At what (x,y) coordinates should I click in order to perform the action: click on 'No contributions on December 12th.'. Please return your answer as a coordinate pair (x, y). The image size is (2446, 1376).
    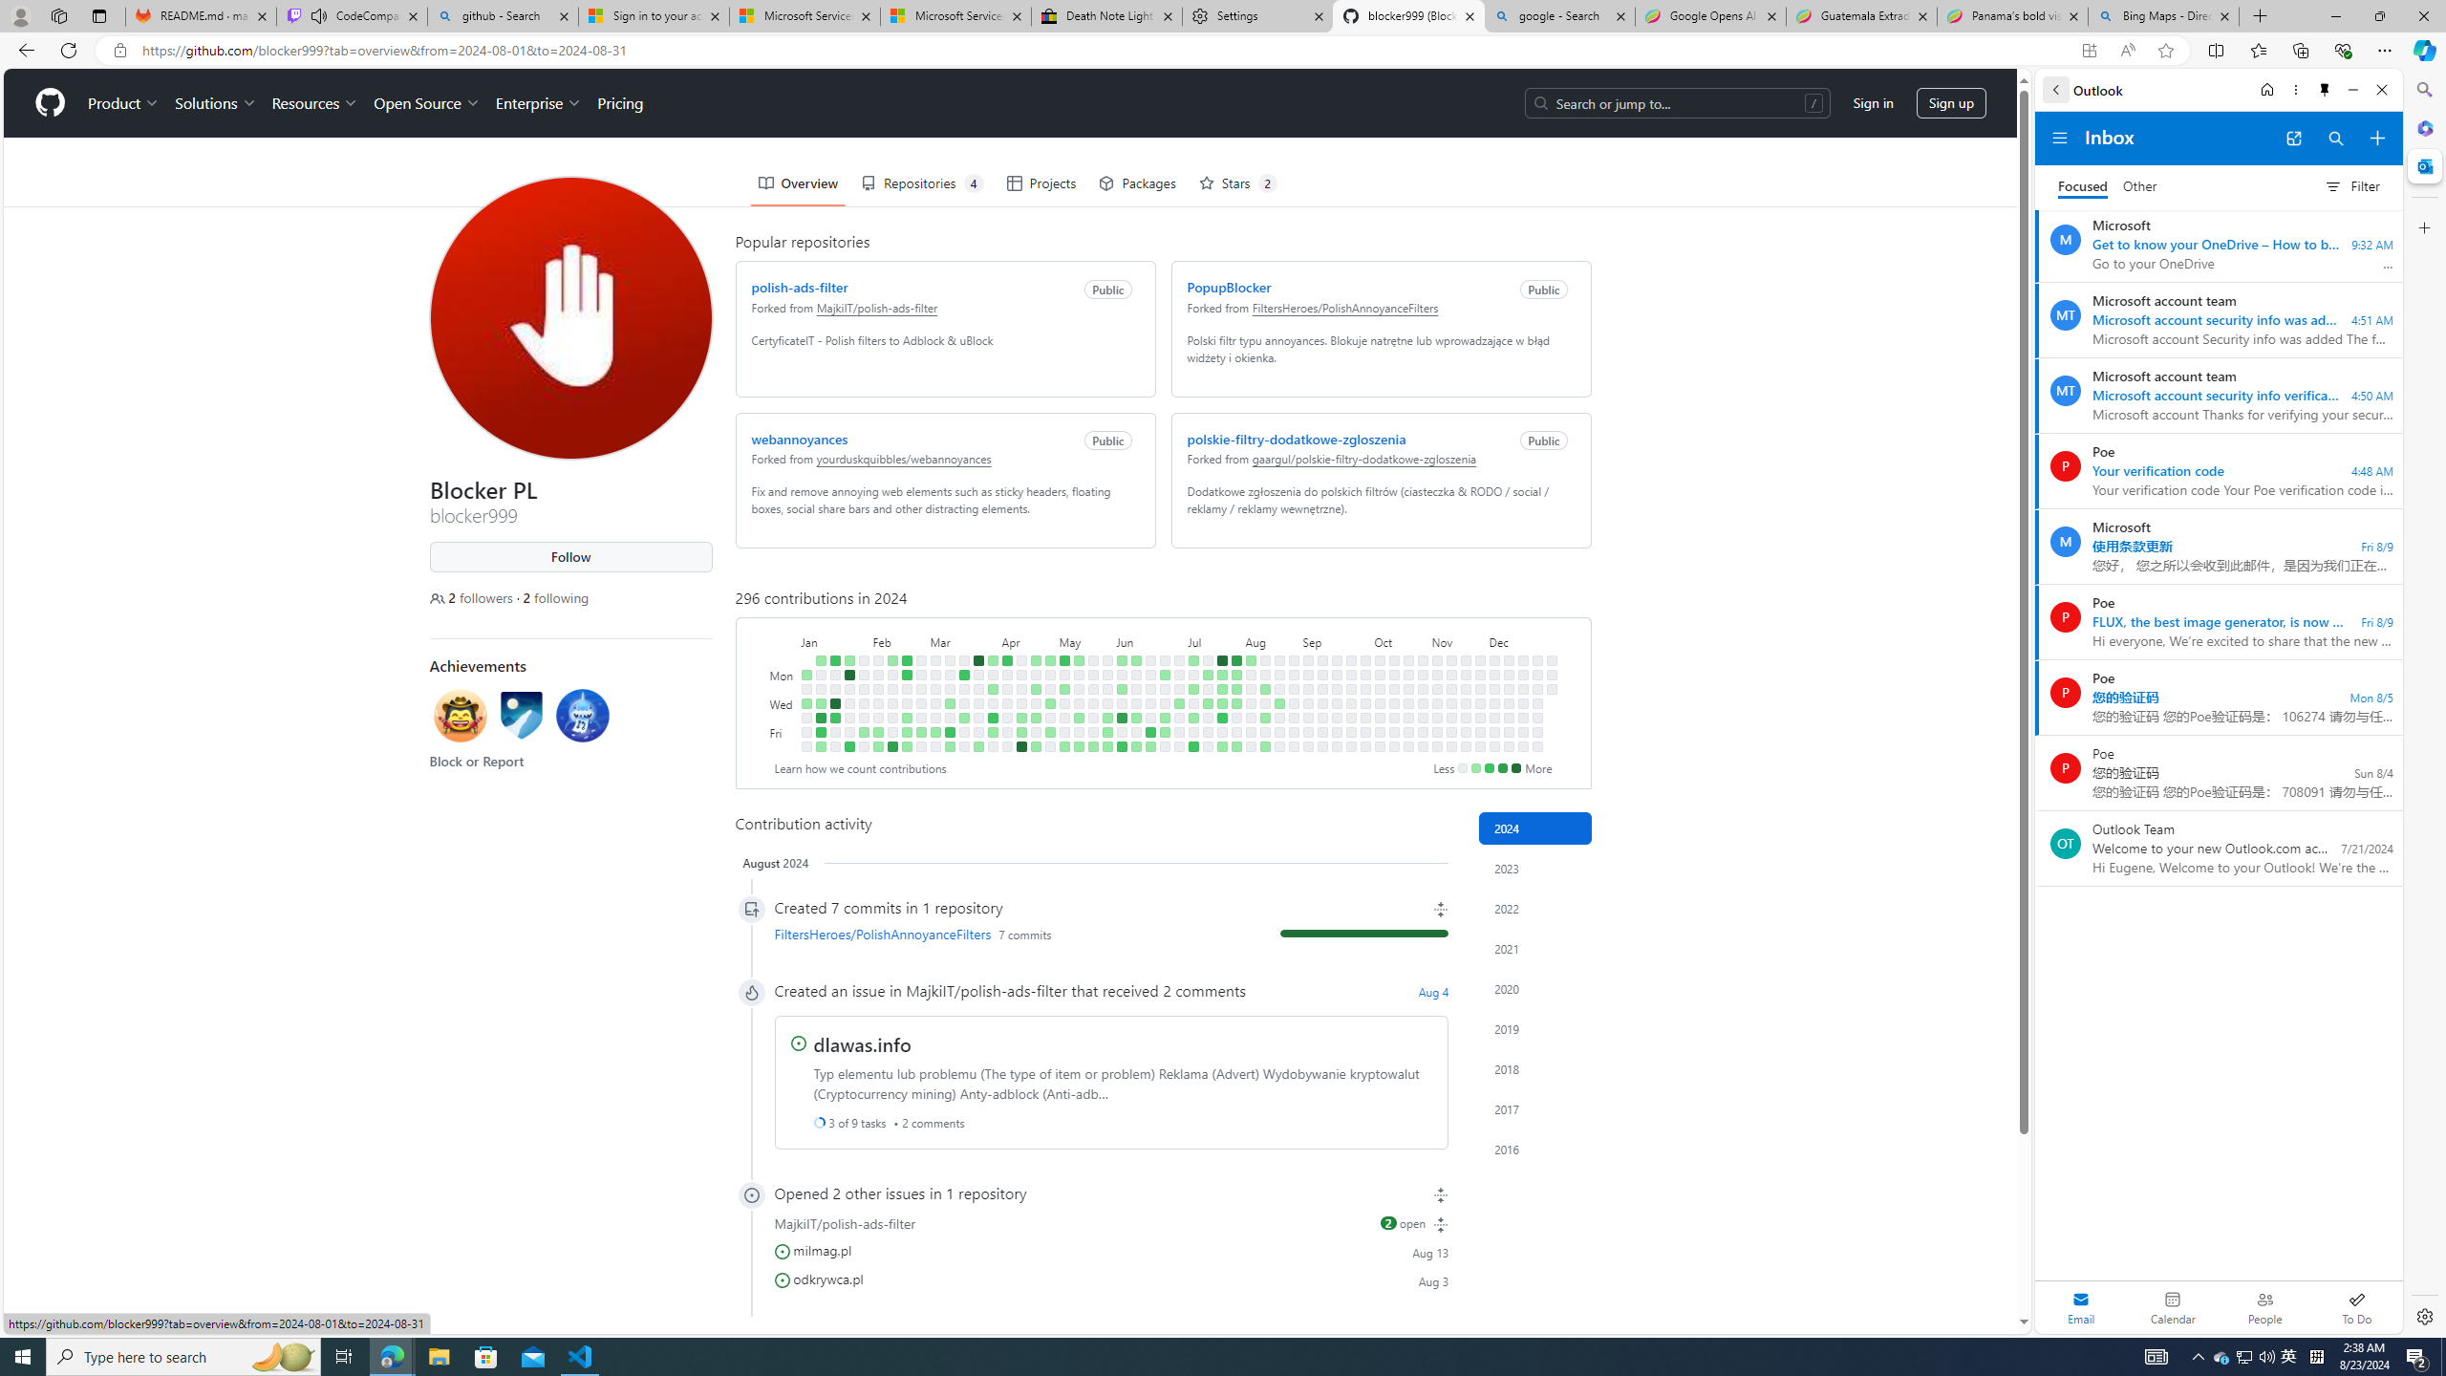
    Looking at the image, I should click on (1507, 717).